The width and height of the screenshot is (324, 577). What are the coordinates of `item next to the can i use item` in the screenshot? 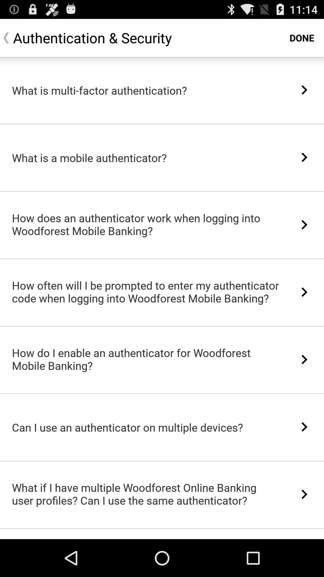 It's located at (304, 426).